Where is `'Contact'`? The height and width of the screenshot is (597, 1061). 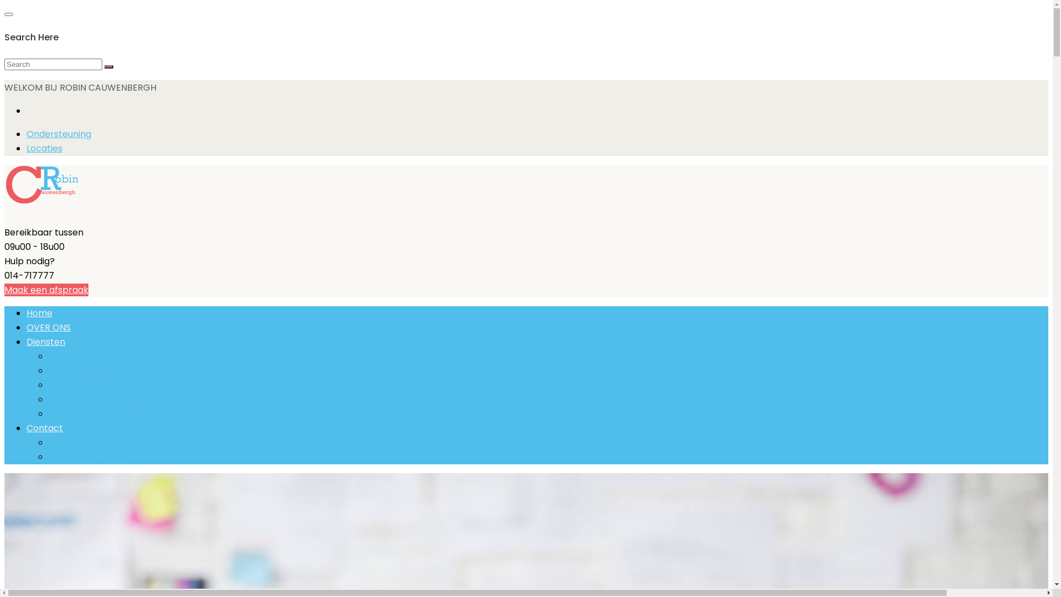 'Contact' is located at coordinates (44, 427).